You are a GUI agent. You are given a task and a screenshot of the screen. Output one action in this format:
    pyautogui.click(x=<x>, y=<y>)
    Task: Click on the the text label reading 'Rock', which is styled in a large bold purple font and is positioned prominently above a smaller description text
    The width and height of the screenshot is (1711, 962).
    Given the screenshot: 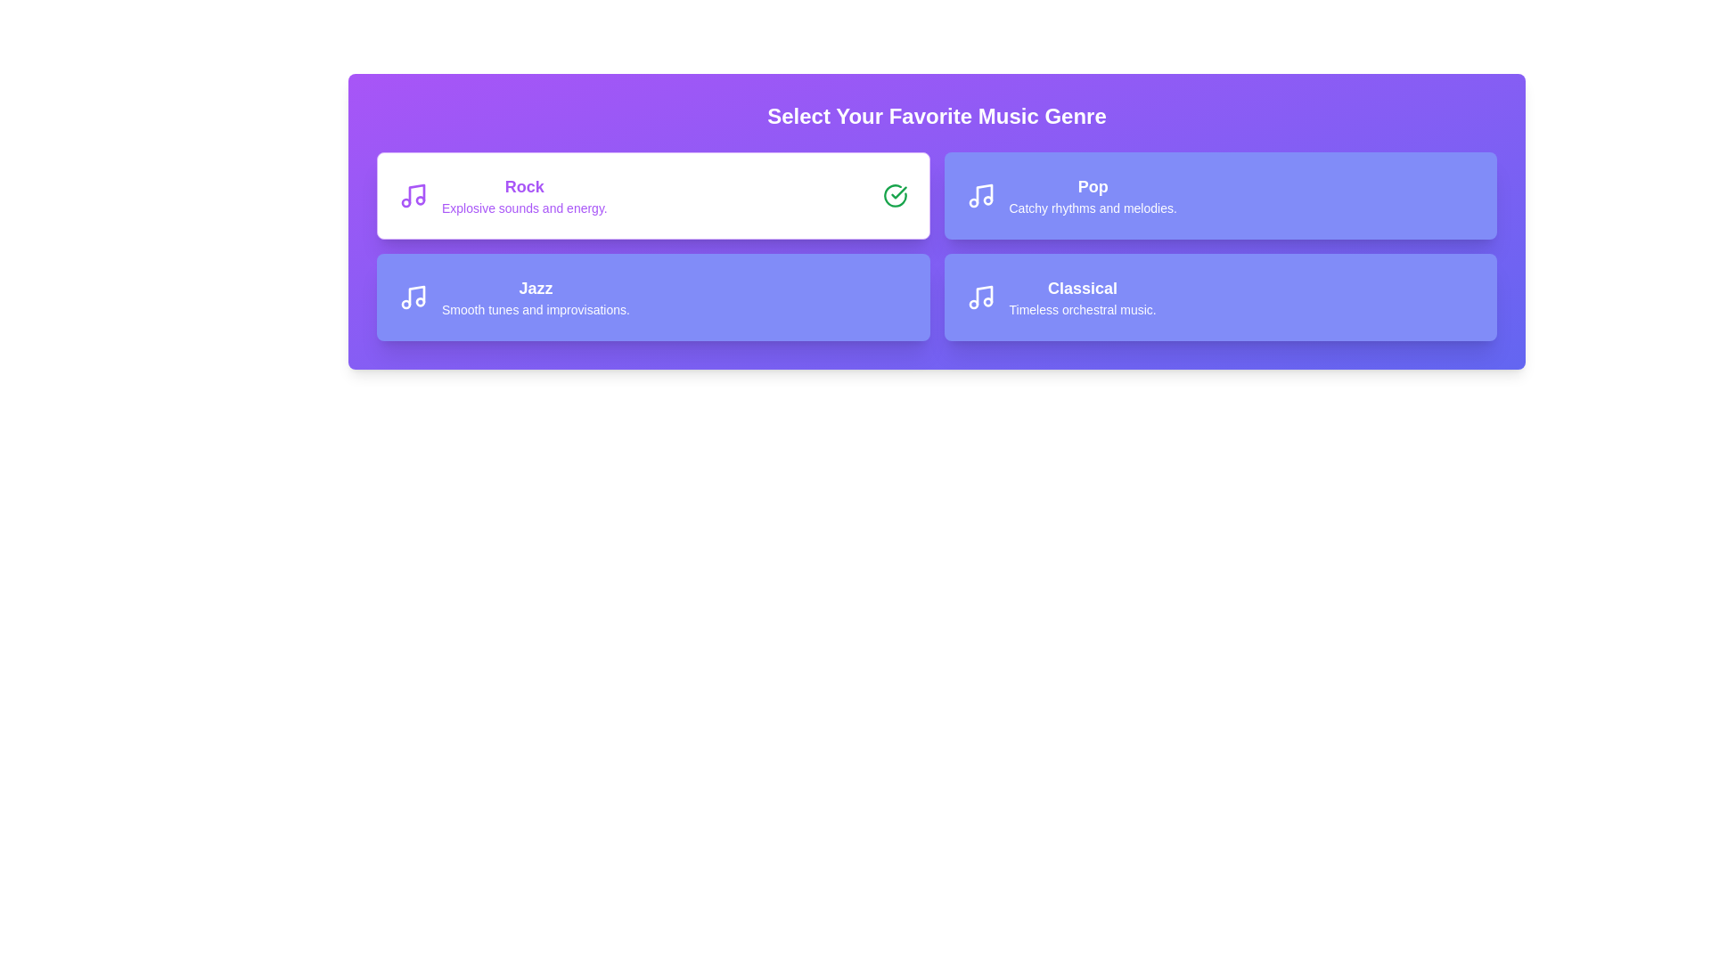 What is the action you would take?
    pyautogui.click(x=523, y=186)
    